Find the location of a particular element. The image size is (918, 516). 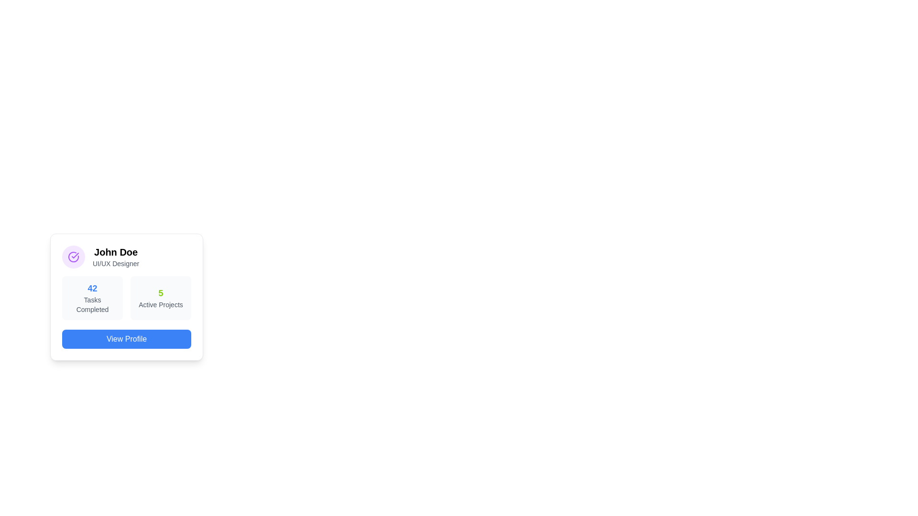

the Informative summary panel, which displays 'Tasks Completed' in blue and 'Active Projects' in lime green, located centrally below the title 'John Doe' and above the 'View Profile' button is located at coordinates (126, 298).